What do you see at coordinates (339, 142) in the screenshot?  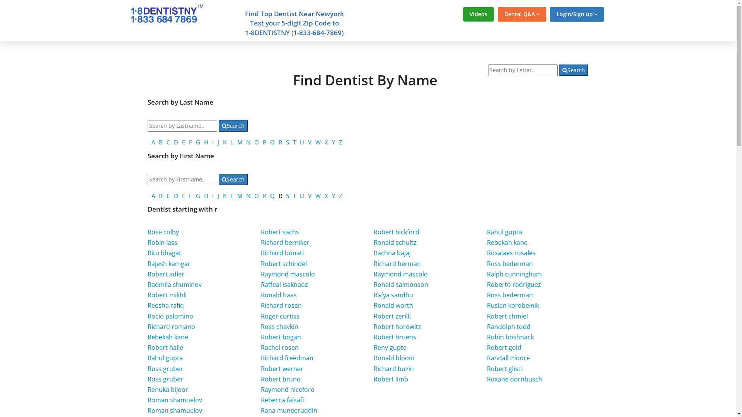 I see `'Z'` at bounding box center [339, 142].